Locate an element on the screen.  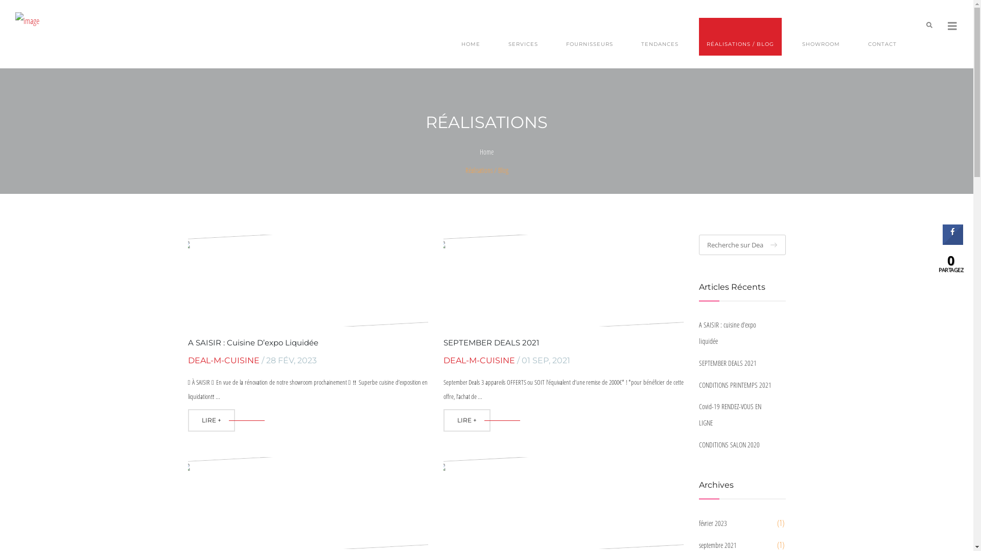
'LIRE +' is located at coordinates (211, 420).